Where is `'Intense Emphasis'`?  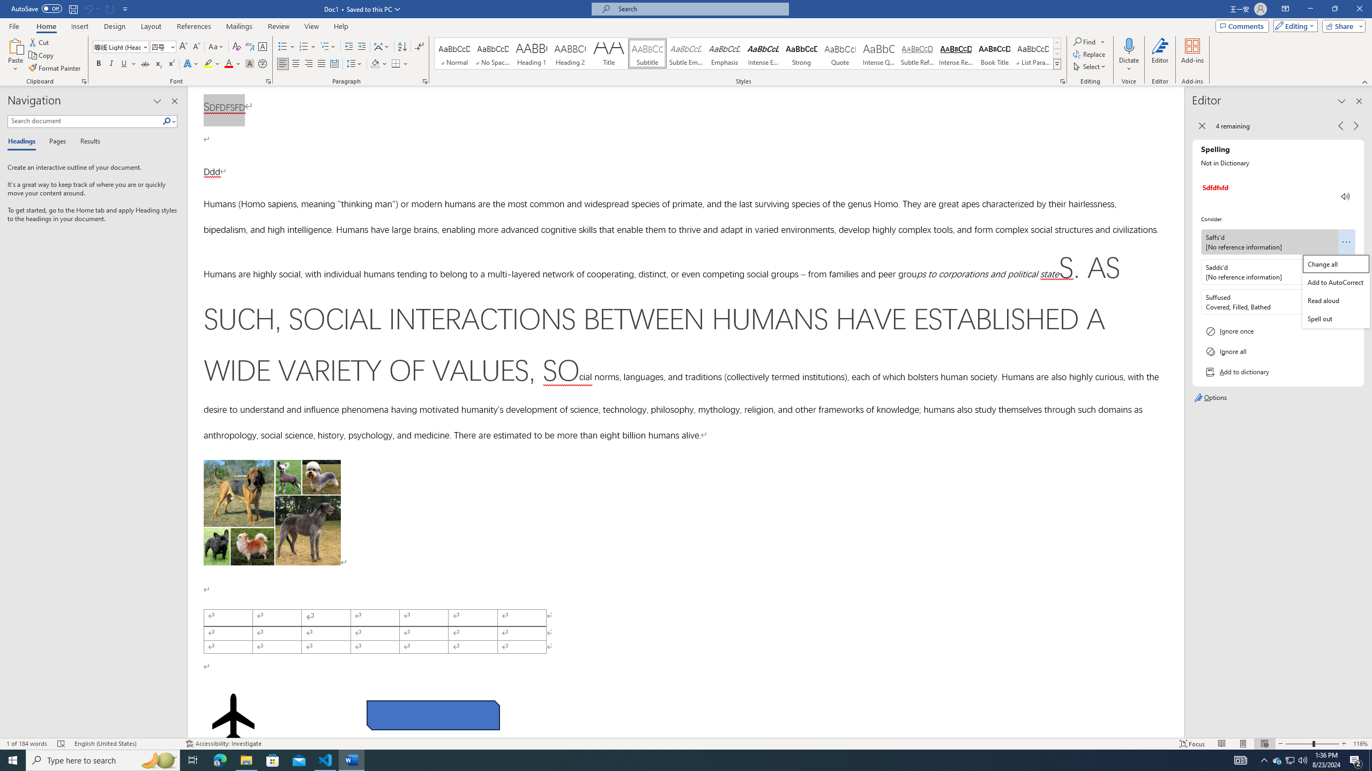 'Intense Emphasis' is located at coordinates (762, 53).